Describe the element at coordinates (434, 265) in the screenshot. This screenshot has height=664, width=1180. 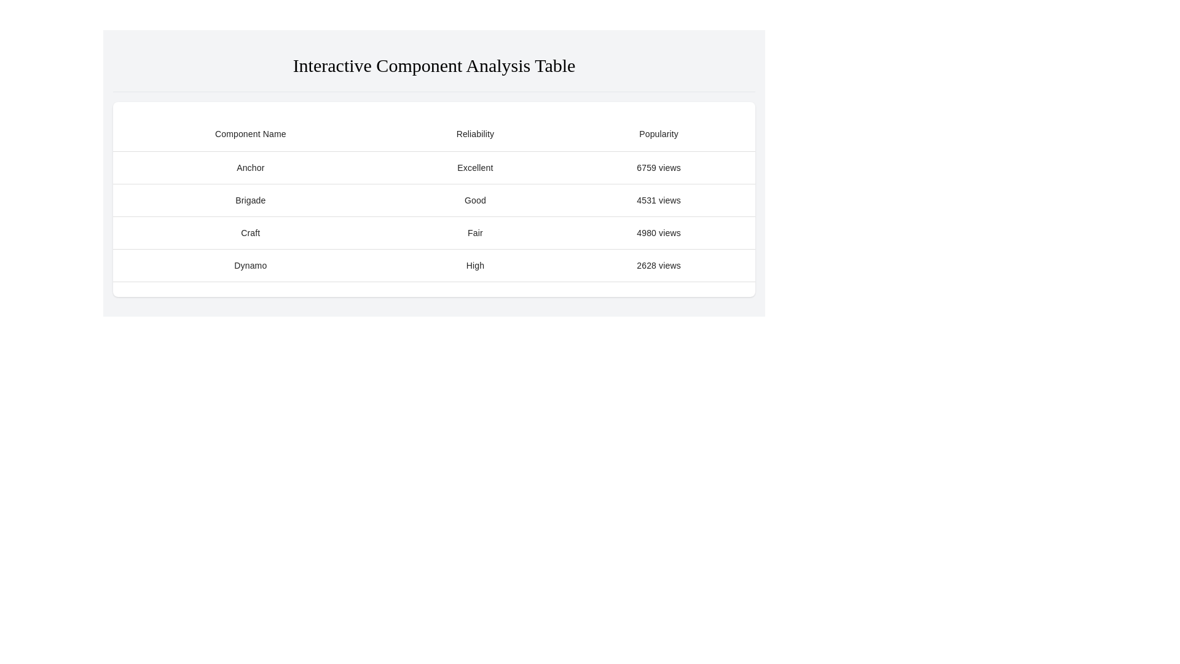
I see `the fourth row in the 'Interactive Component Analysis Table' that summarizes metrics related to 'Dynamo' for more details` at that location.